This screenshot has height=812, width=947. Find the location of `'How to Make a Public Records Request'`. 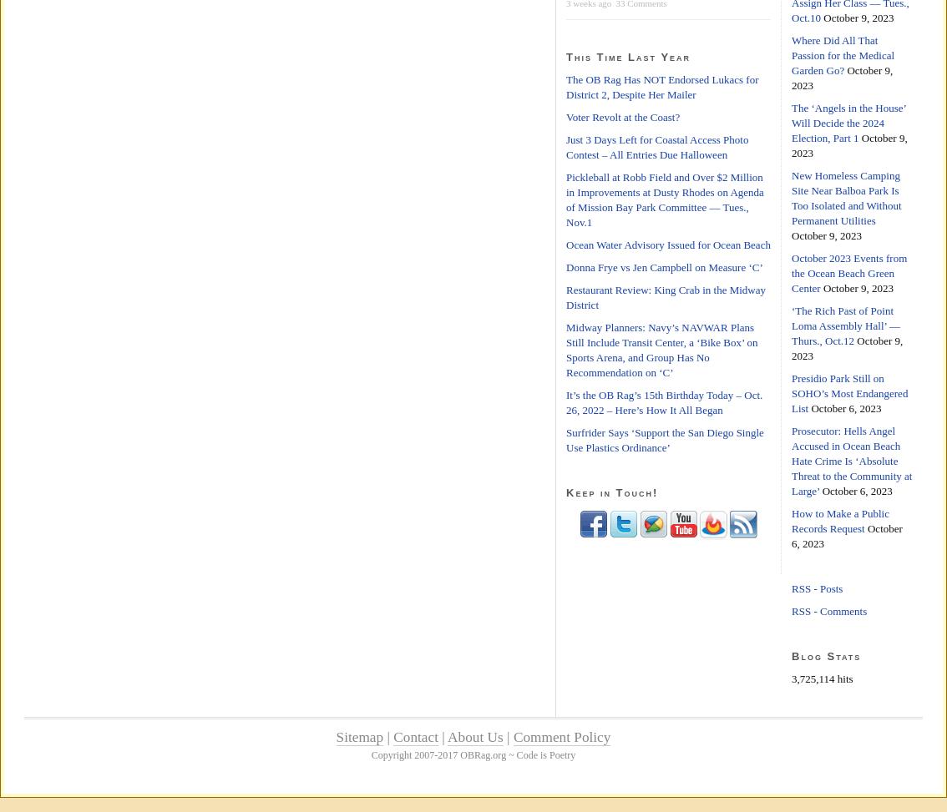

'How to Make a Public Records Request' is located at coordinates (838, 521).